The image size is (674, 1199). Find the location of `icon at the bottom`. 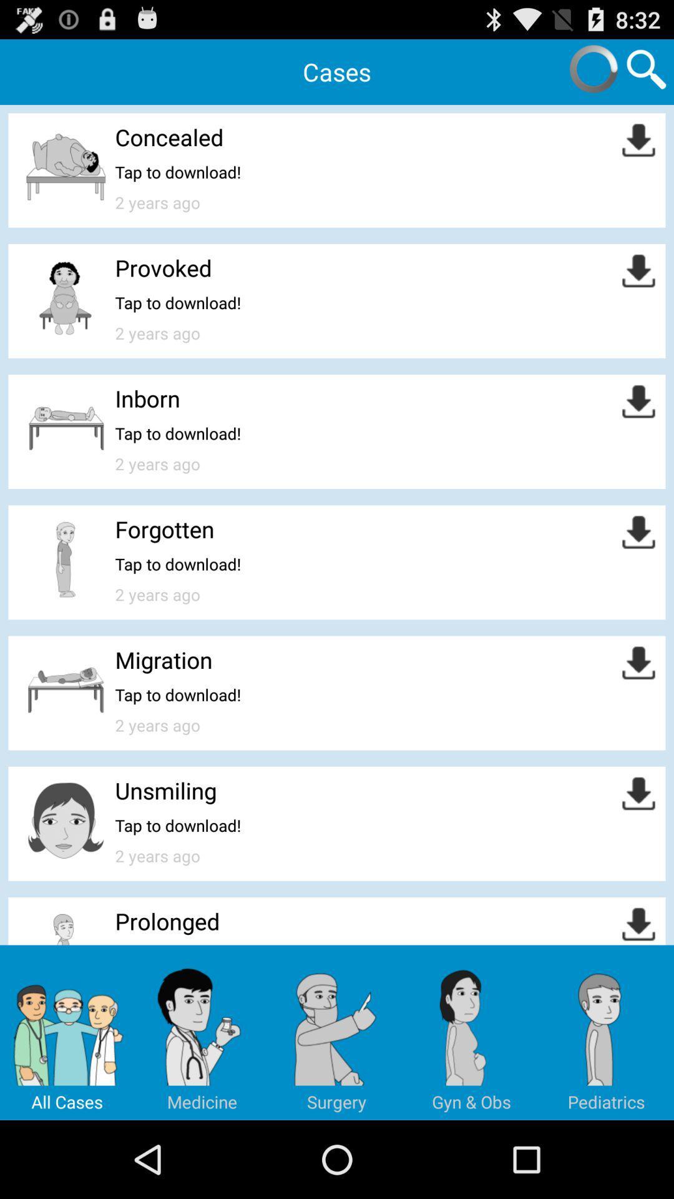

icon at the bottom is located at coordinates (337, 1032).